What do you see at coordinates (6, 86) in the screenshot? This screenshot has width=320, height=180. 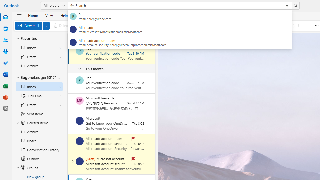 I see `'Excel'` at bounding box center [6, 86].